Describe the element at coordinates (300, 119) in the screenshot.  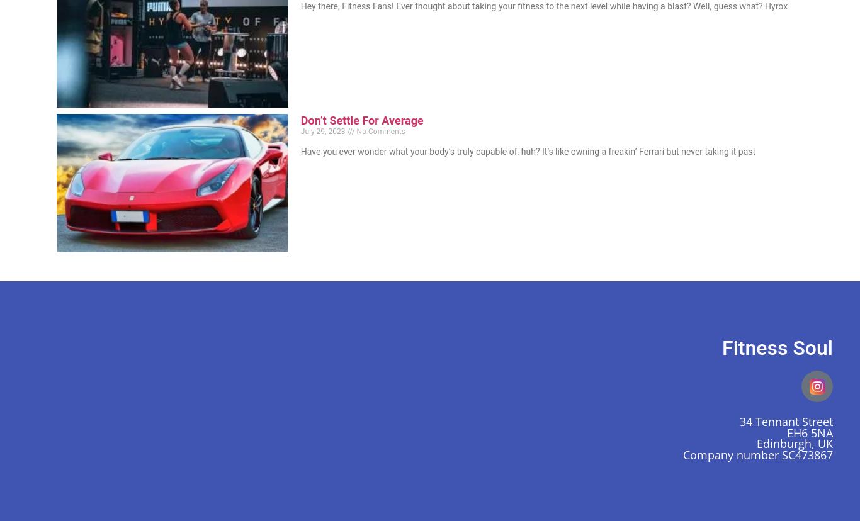
I see `'Don’t Settle For Average'` at that location.